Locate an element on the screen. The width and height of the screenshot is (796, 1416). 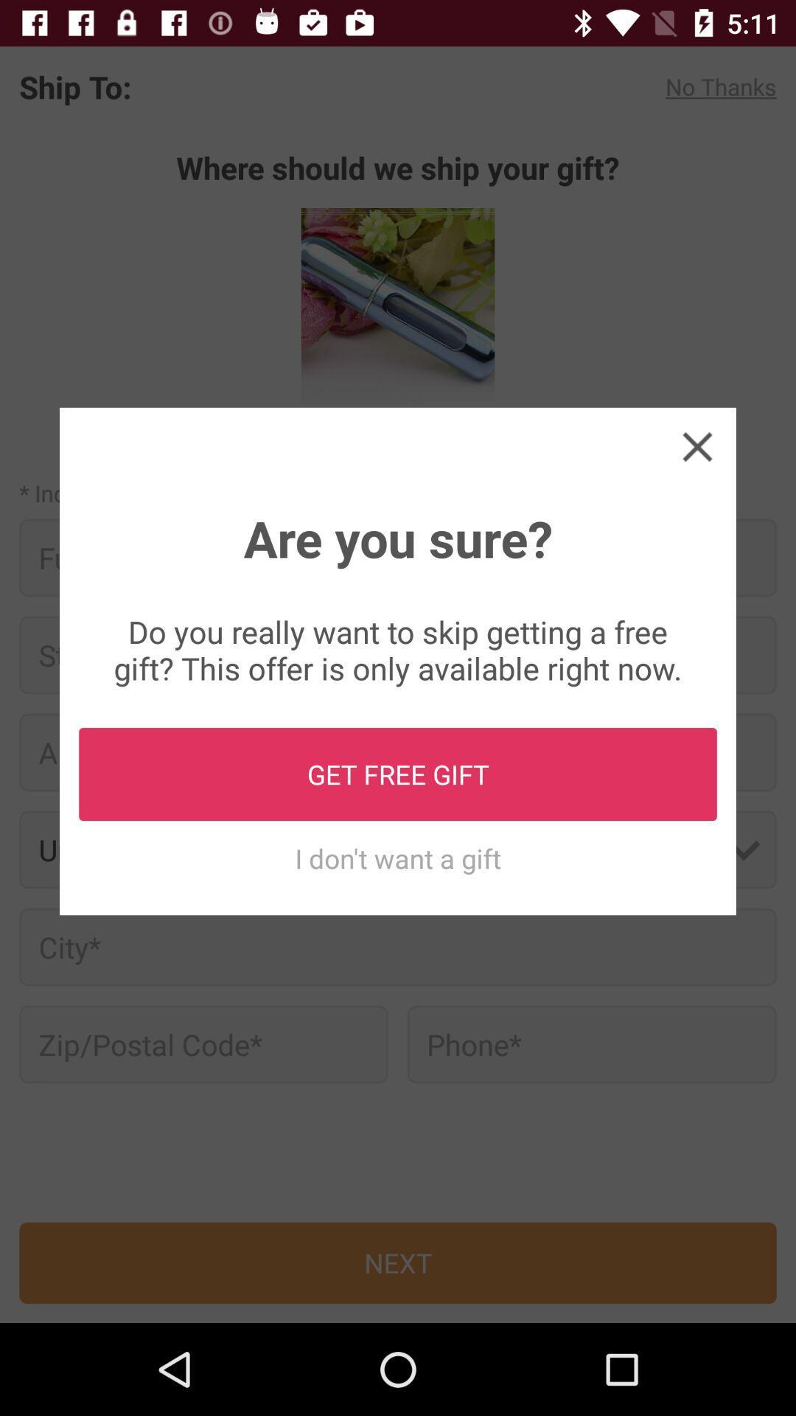
the popup is located at coordinates (696, 445).